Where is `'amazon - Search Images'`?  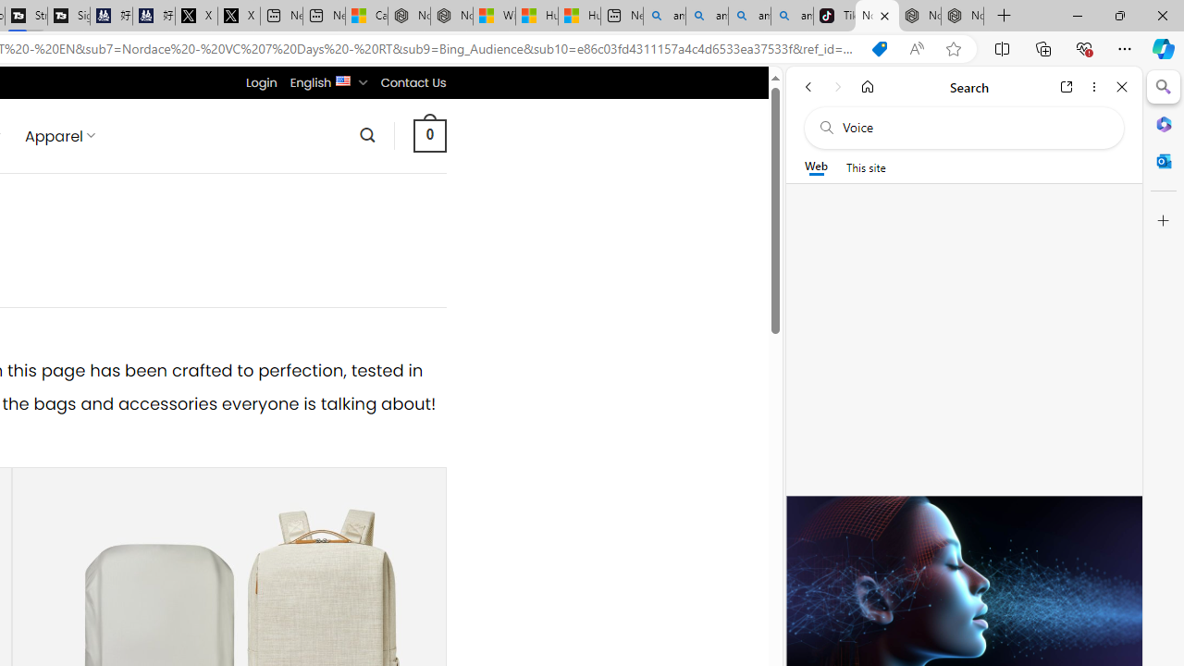 'amazon - Search Images' is located at coordinates (792, 16).